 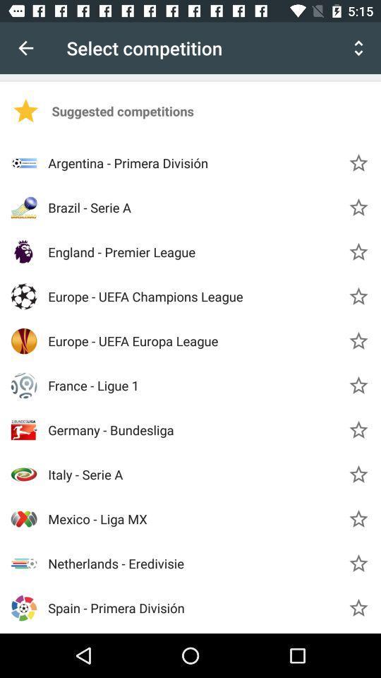 I want to click on icon next to select competition, so click(x=25, y=48).